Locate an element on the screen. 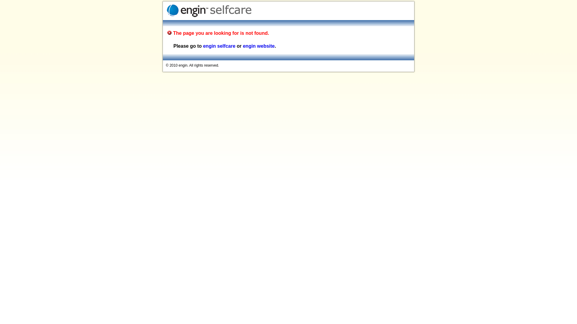 This screenshot has height=324, width=577. 'engin selfcare' is located at coordinates (219, 46).